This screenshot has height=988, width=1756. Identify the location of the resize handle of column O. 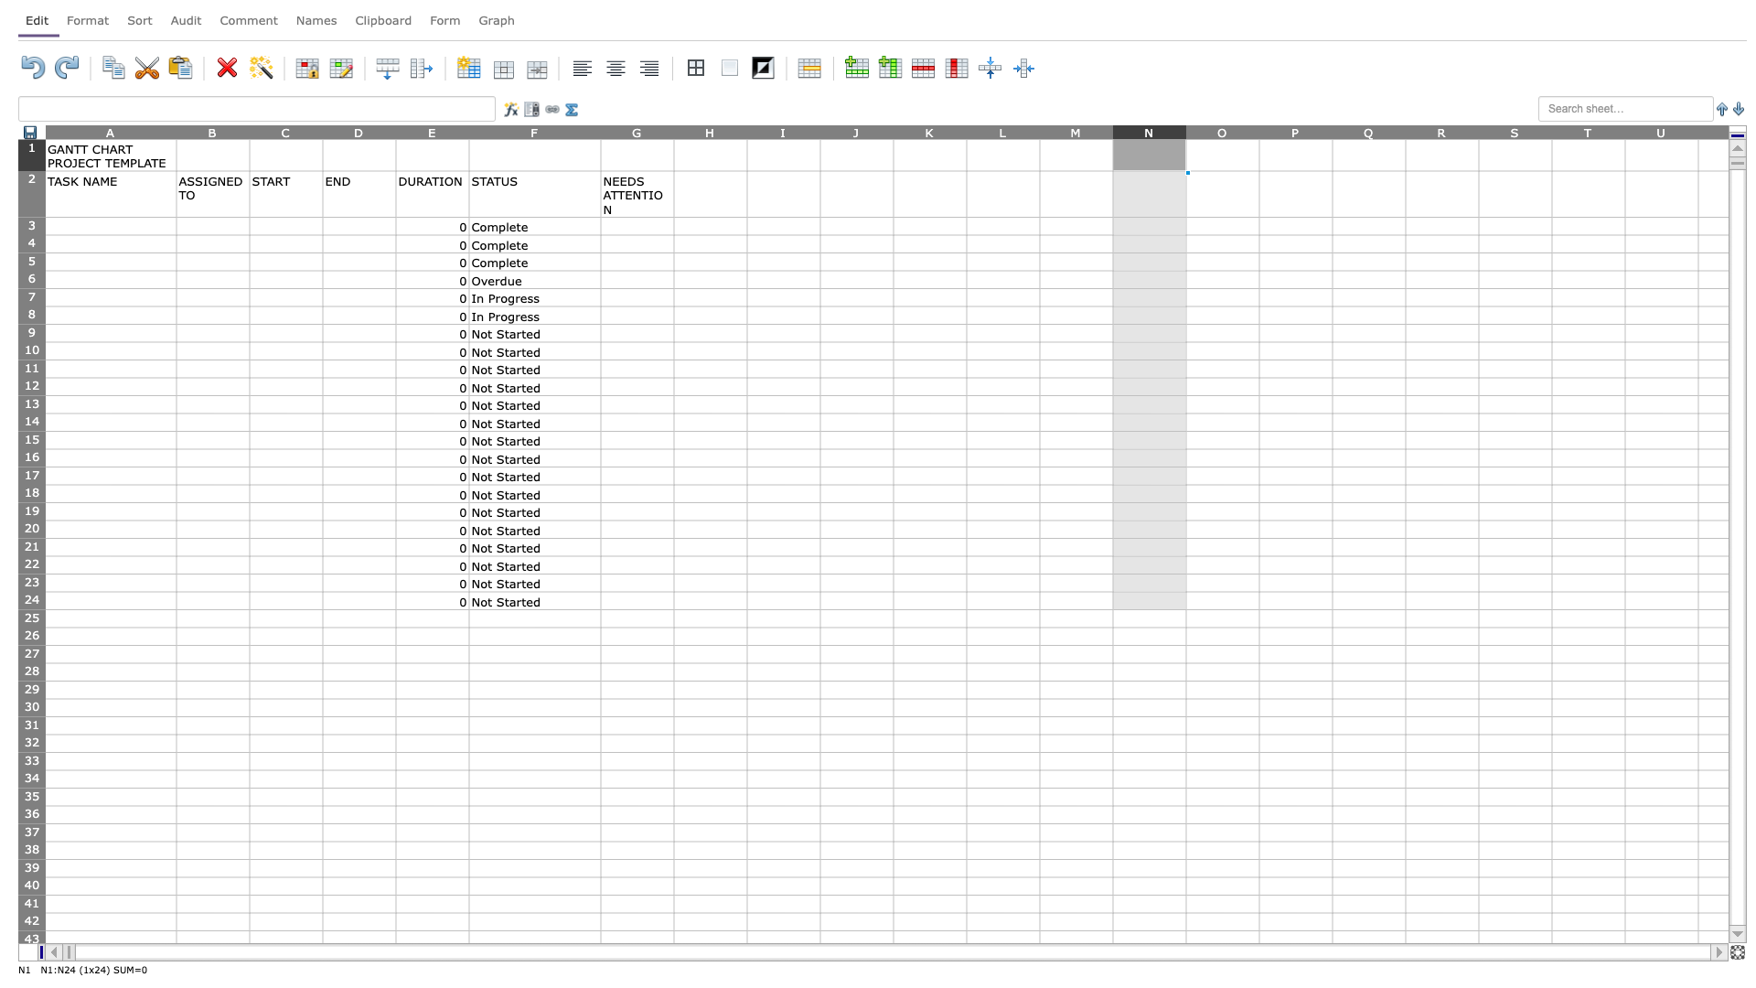
(1258, 131).